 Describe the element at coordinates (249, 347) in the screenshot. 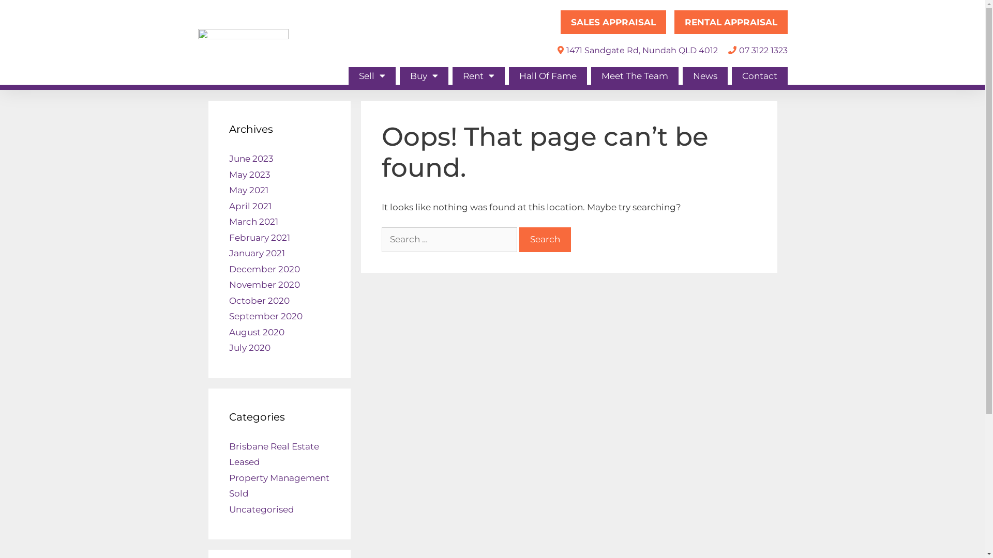

I see `'July 2020'` at that location.